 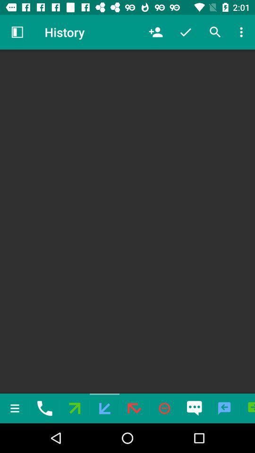 What do you see at coordinates (155, 32) in the screenshot?
I see `the icon to the right of the history icon` at bounding box center [155, 32].